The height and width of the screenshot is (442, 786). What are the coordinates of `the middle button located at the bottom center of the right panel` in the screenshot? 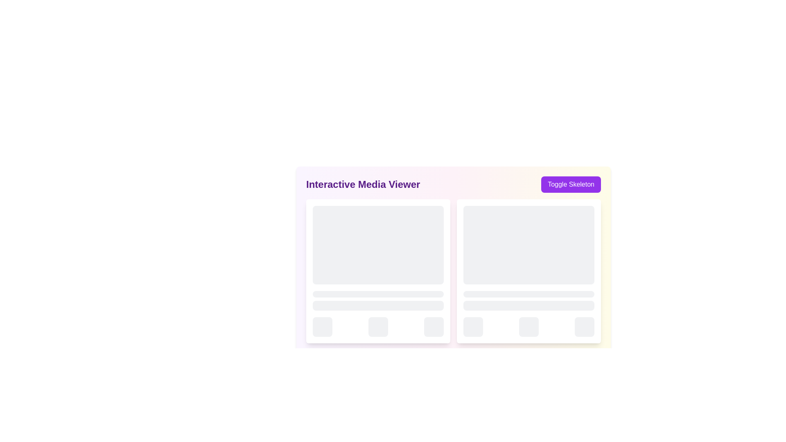 It's located at (529, 326).